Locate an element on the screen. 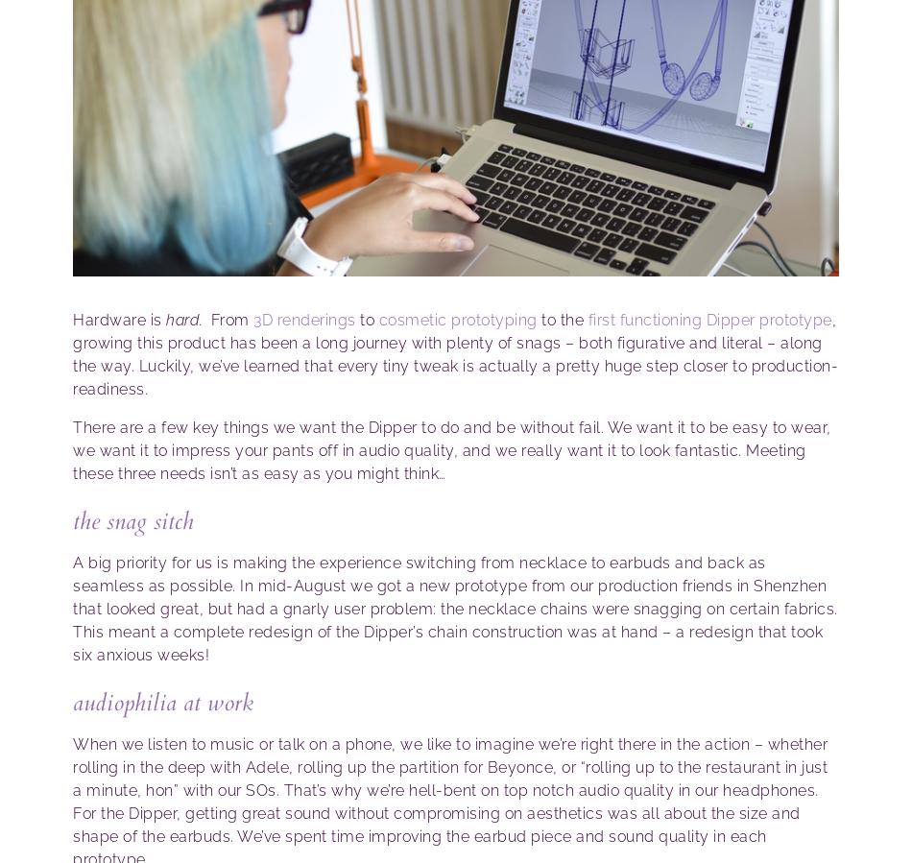 This screenshot has height=863, width=912. ', growing this product has been a long journey with plenty of snags – both figurative and literal – along the way. Luckily, we’ve learned that every tiny tweak is actually a pretty huge step closer to production-readiness.' is located at coordinates (73, 353).